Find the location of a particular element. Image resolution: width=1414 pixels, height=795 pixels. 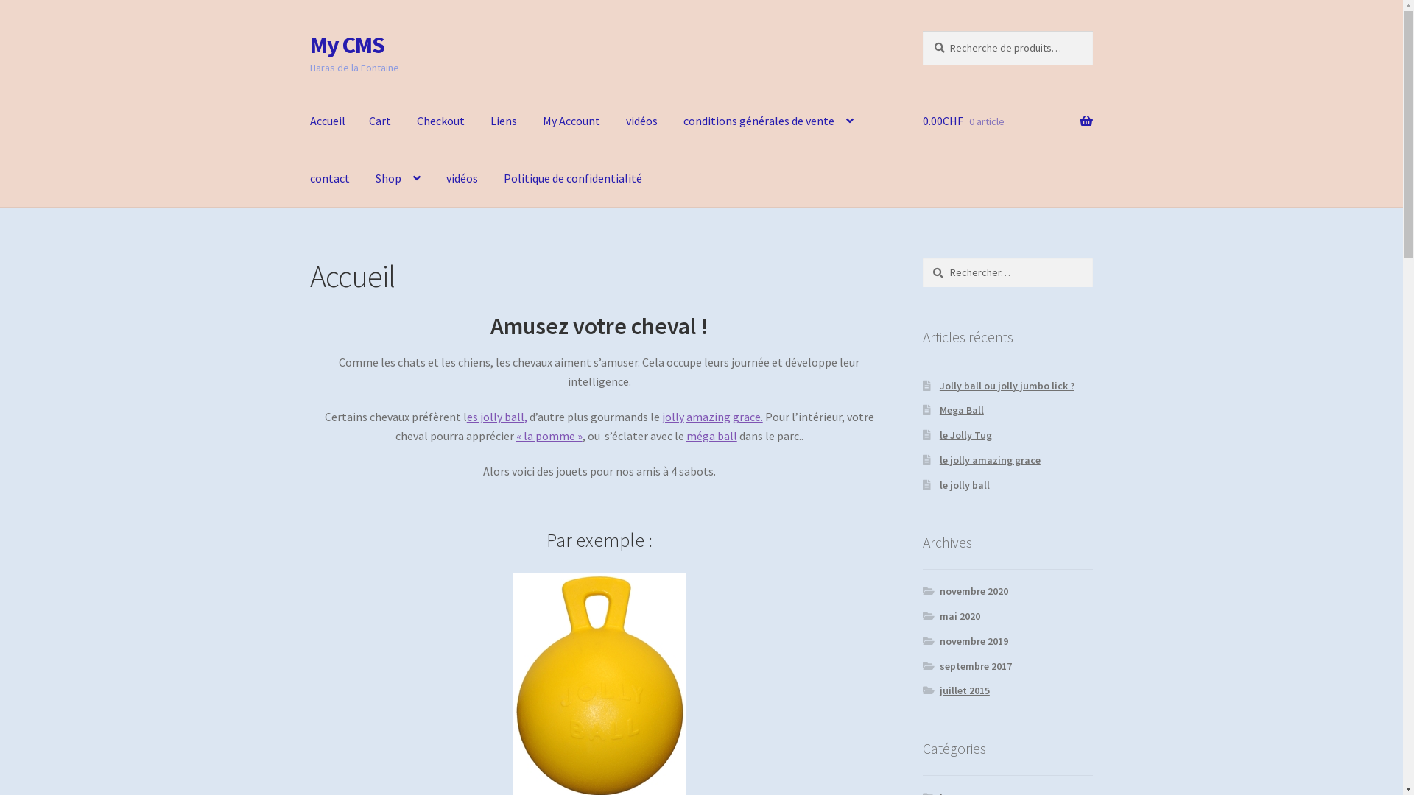

'Jolly ball ou jolly jumbo lick ?' is located at coordinates (939, 385).